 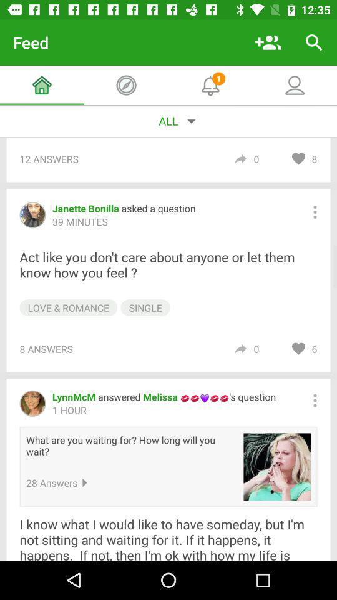 I want to click on the item to the right of what are you item, so click(x=277, y=466).